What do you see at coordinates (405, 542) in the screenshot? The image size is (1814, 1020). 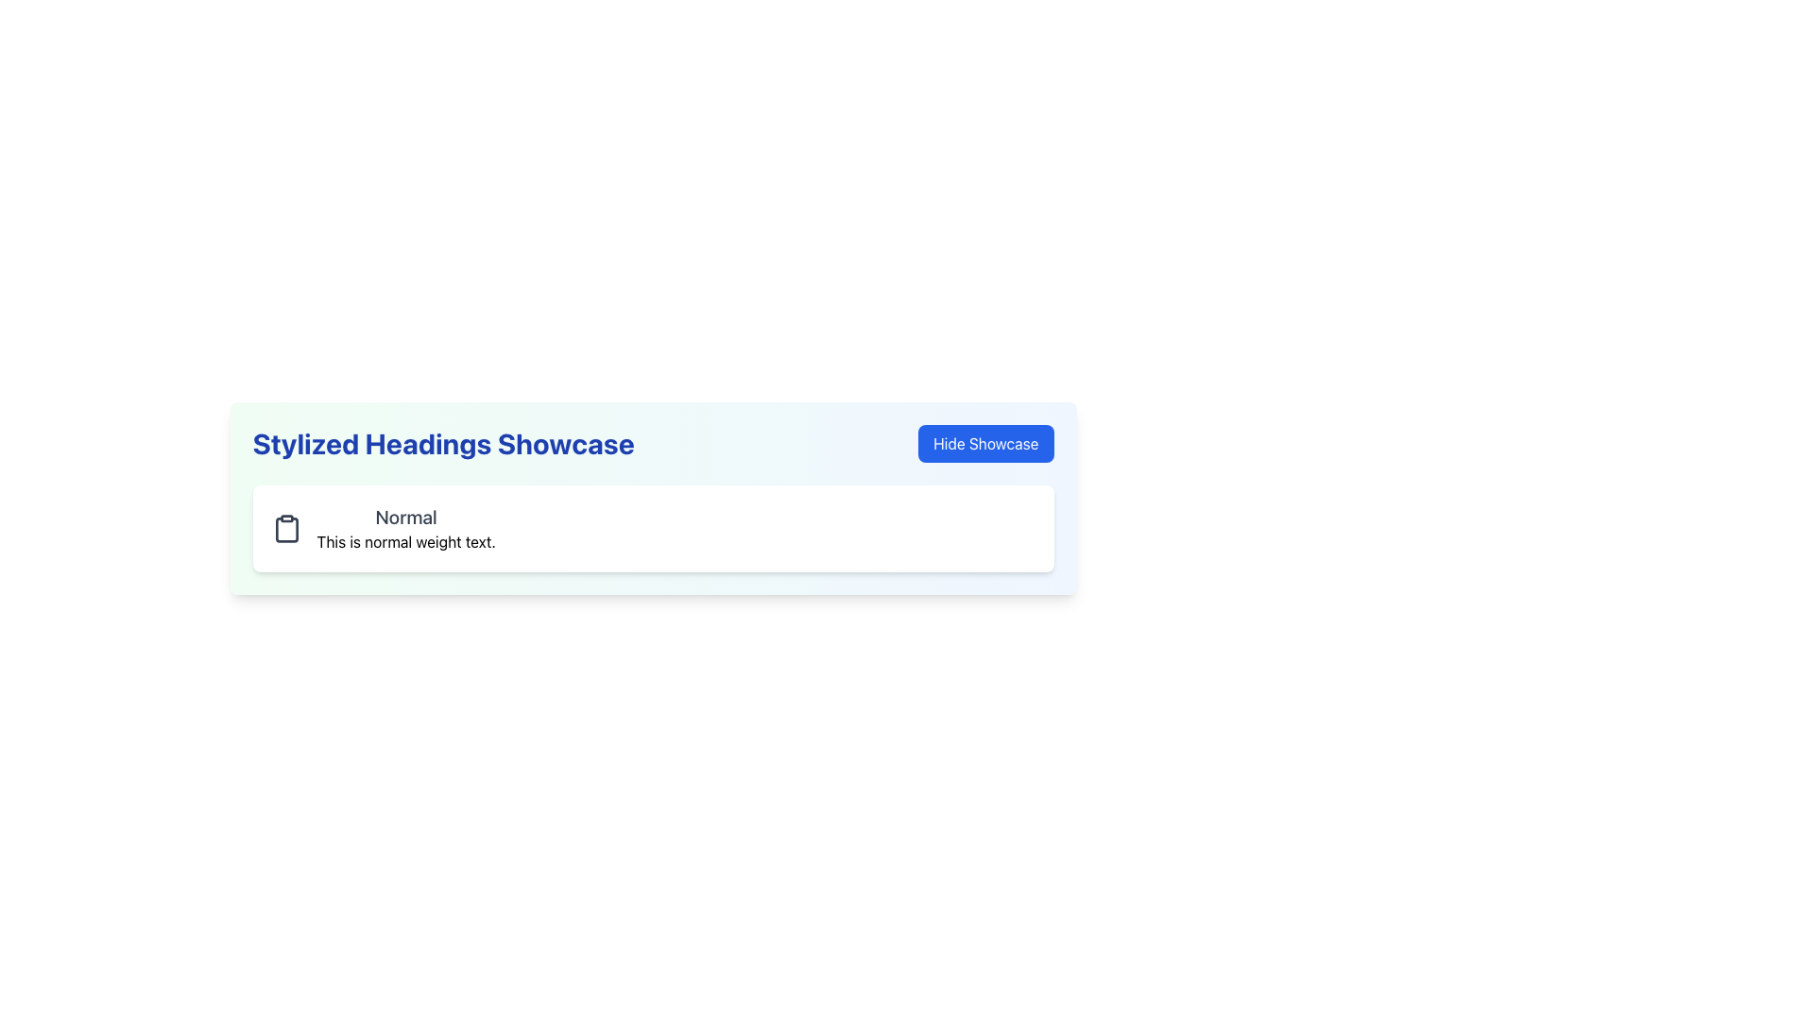 I see `text from the Text Label element displaying 'This is normal weight text.' located below the 'Normal' label` at bounding box center [405, 542].